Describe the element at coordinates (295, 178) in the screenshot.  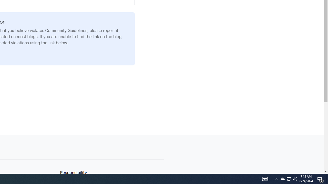
I see `'User Promoted Notification Area'` at that location.